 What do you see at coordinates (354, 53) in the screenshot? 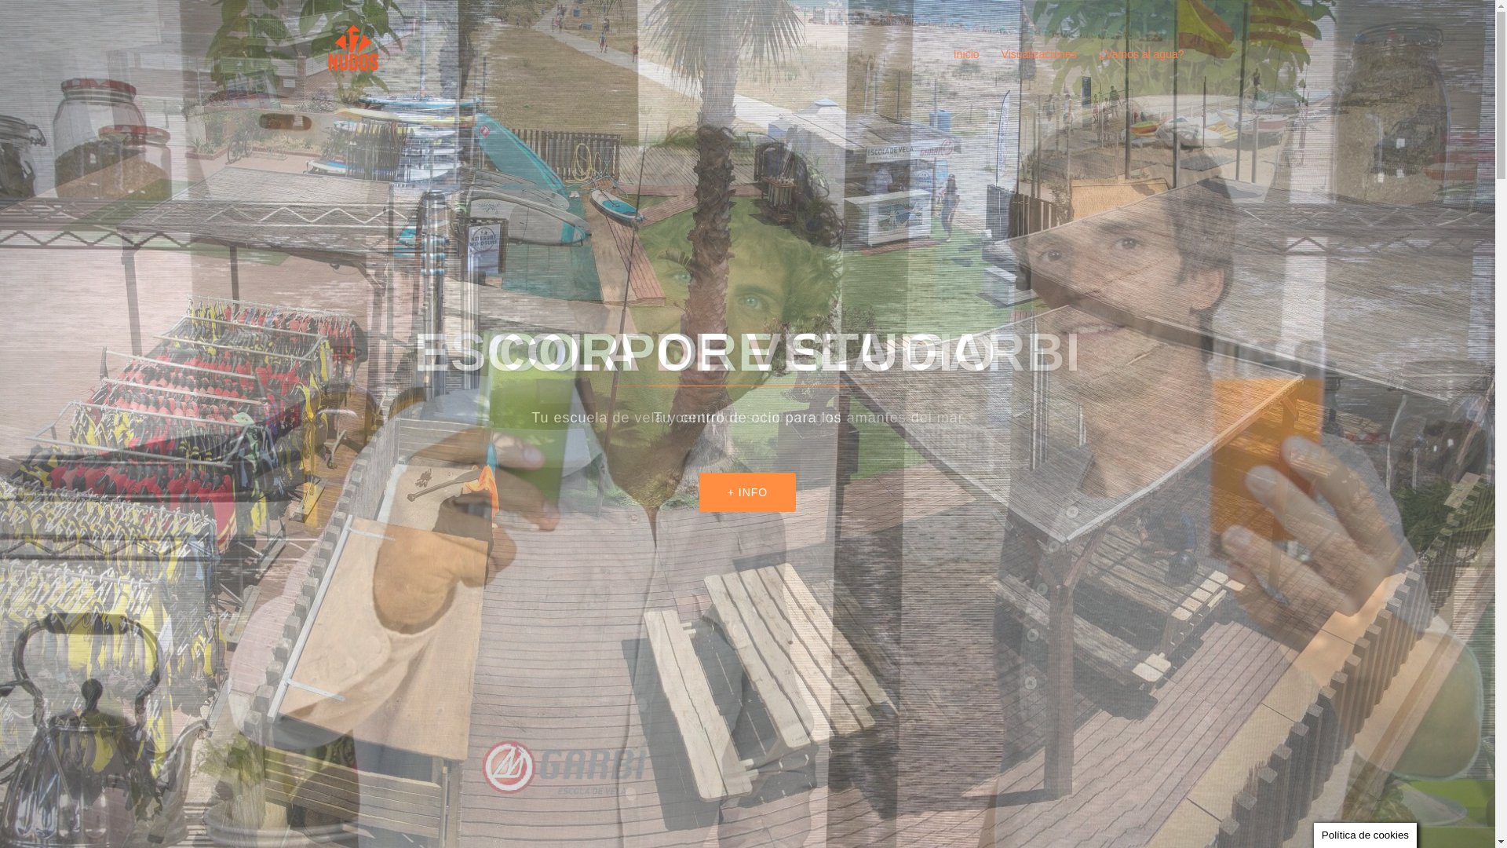
I see `'17nudos'` at bounding box center [354, 53].